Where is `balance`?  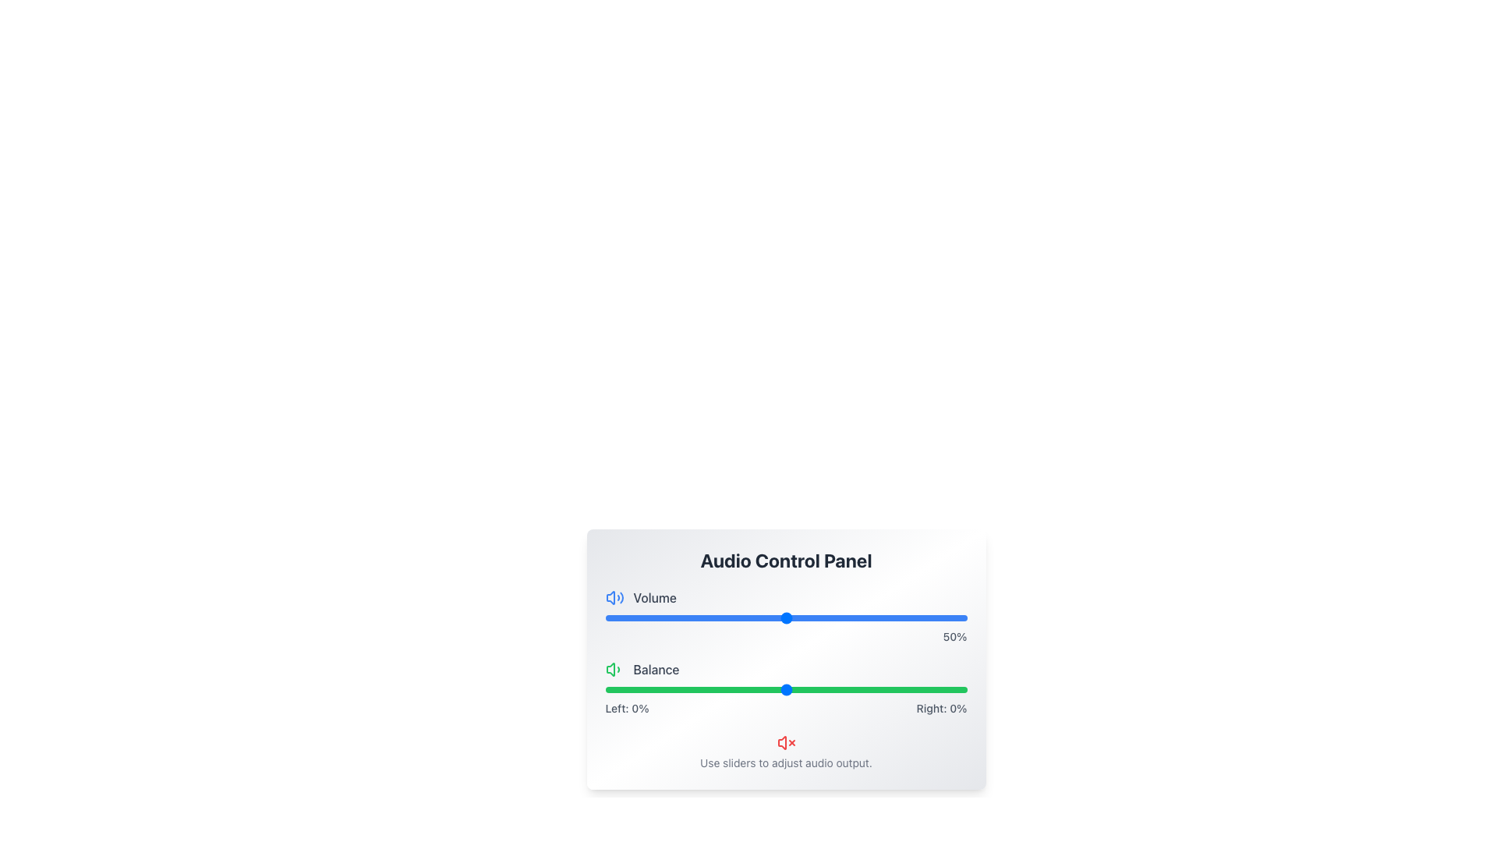
balance is located at coordinates (851, 688).